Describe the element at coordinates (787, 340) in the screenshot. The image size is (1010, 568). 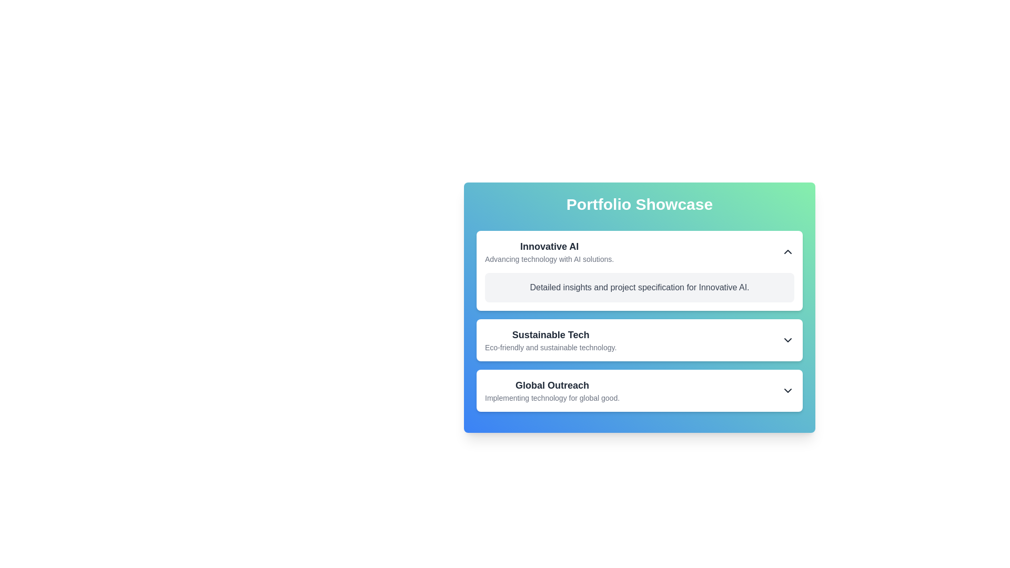
I see `the downward-pointing chevron icon located at the far-right side of the 'Sustainable Tech' section` at that location.